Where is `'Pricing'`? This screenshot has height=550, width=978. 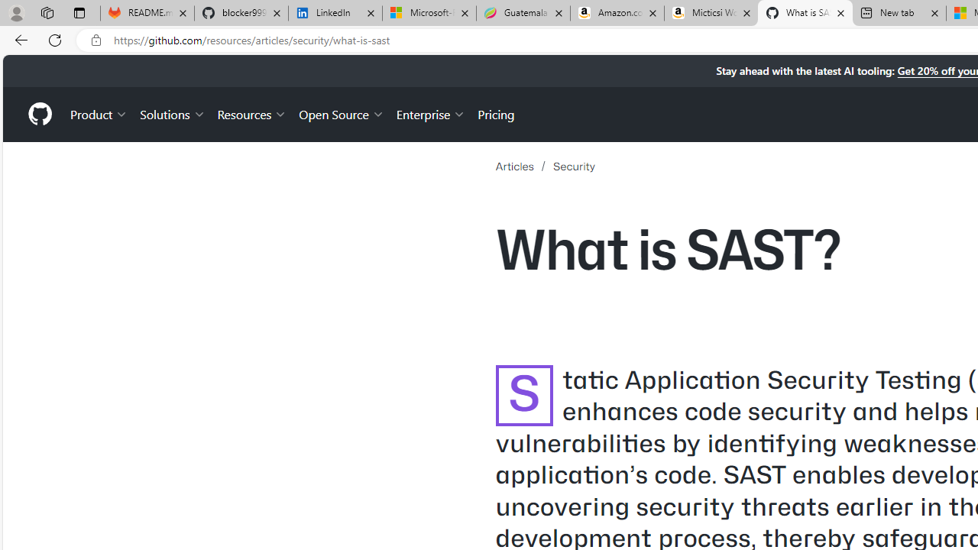
'Pricing' is located at coordinates (496, 113).